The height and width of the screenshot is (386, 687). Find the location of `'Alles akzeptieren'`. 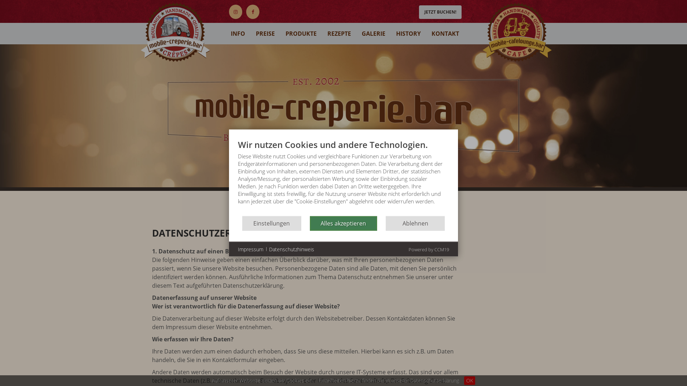

'Alles akzeptieren' is located at coordinates (343, 223).